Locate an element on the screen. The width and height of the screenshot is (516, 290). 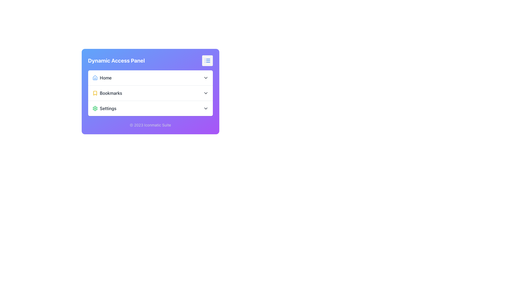
the stylized house icon, which features a triangular roof and a square base, located to the left of the 'Home' text in the primary menu list is located at coordinates (95, 78).